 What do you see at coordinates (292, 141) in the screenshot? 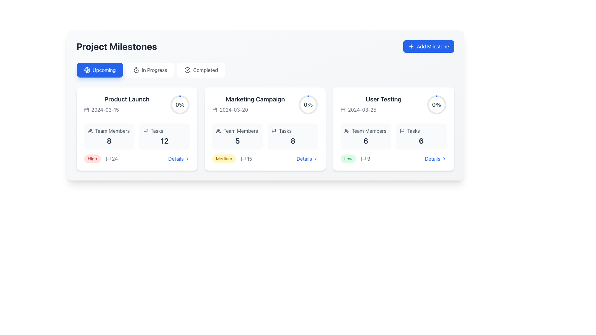
I see `the text label displaying the count of tasks for the 'Marketing Campaign' milestone, located under the 'Tasks' label in the second milestone card` at bounding box center [292, 141].